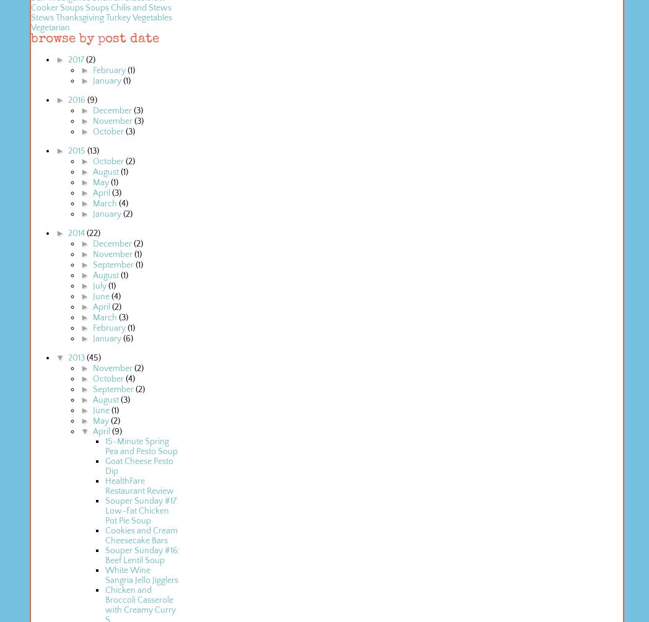 This screenshot has height=622, width=649. What do you see at coordinates (76, 59) in the screenshot?
I see `'2017'` at bounding box center [76, 59].